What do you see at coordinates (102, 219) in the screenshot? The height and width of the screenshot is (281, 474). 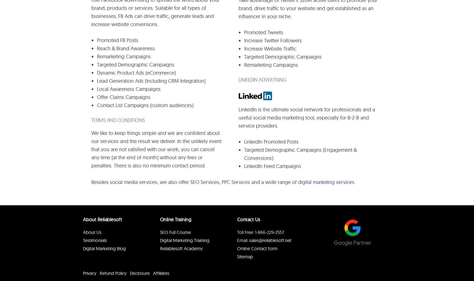 I see `'About Reliablesoft'` at bounding box center [102, 219].